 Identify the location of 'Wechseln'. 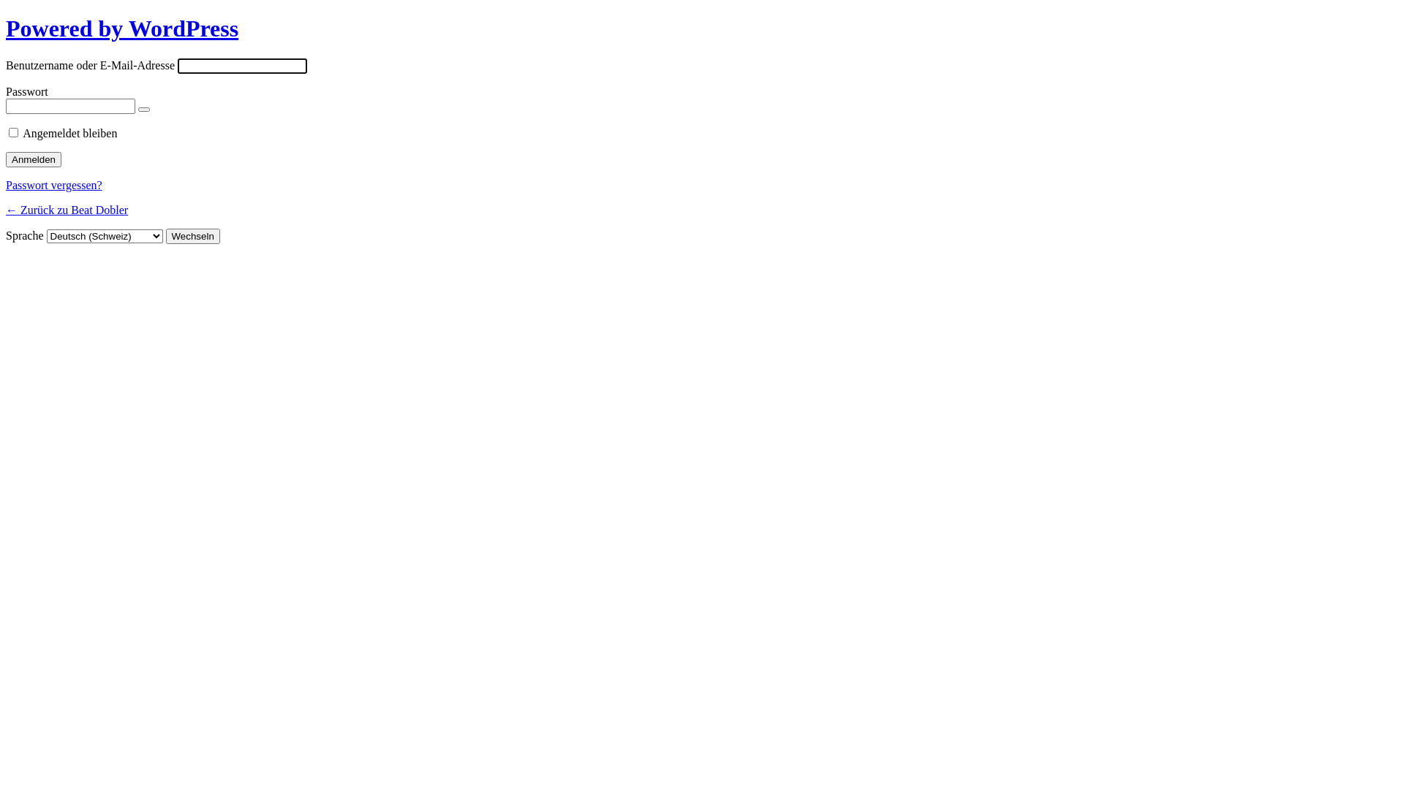
(192, 235).